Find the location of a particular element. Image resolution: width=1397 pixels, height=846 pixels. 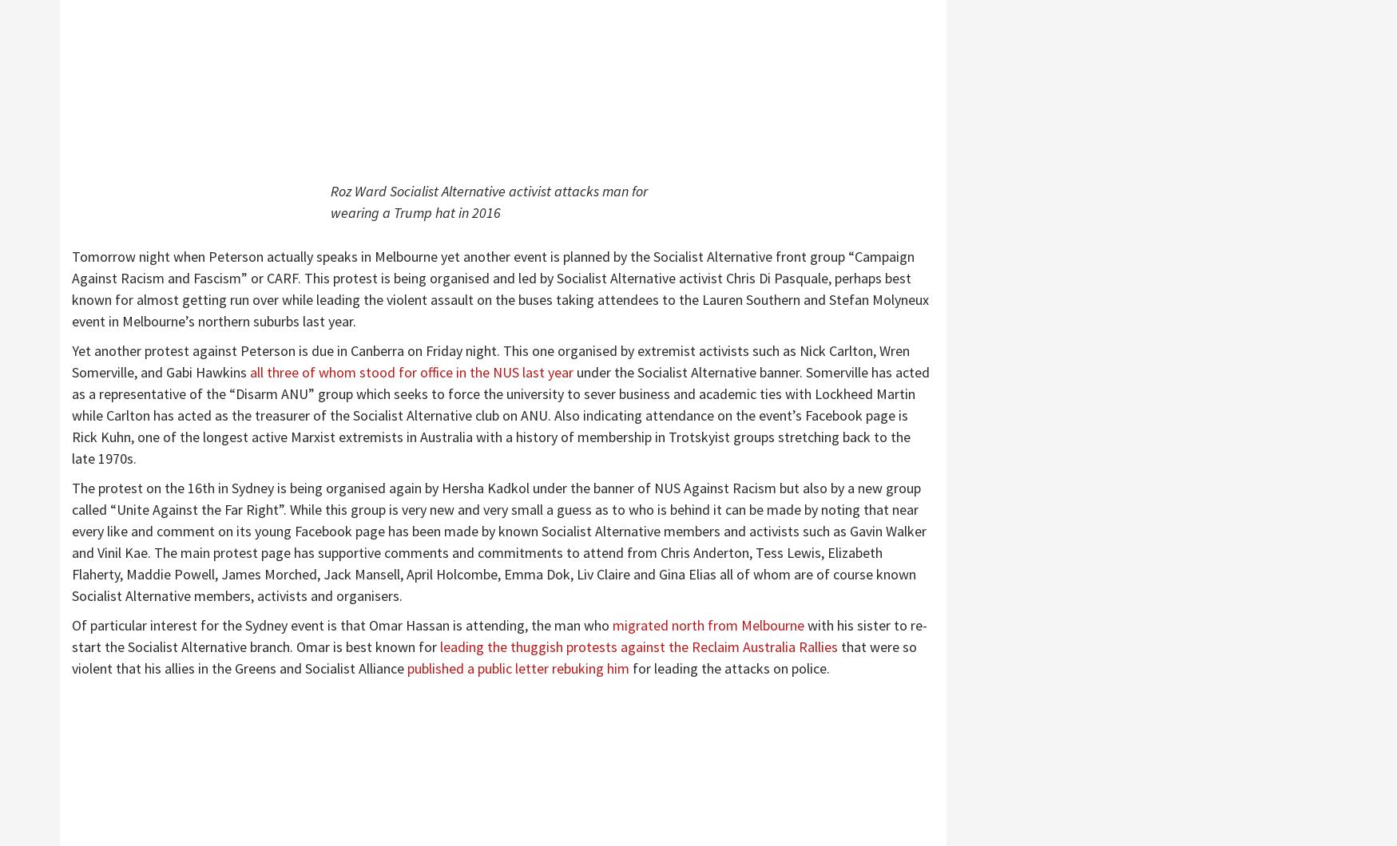

'under the Socialist Alternative banner. Somerville has acted as a representative of the “Disarm ANU” group which seeks to force the university to sever business and academic ties with Lockheed Martin while Carlton has acted as the treasurer of the Socialist Alternative club on ANU. Also indicating attendance on the event’s Facebook page is Rick Kuhn, one of the longest active Marxist extremists in Australia with a history of membership in Trotskyist groups stretching back to the late 1970s.' is located at coordinates (499, 414).